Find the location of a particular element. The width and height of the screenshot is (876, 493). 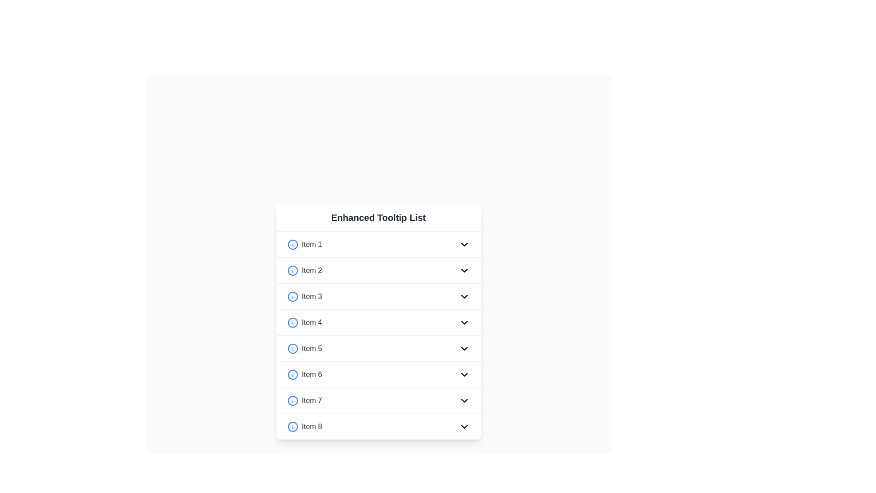

the first list item labeled 'Item 1' is located at coordinates (378, 244).